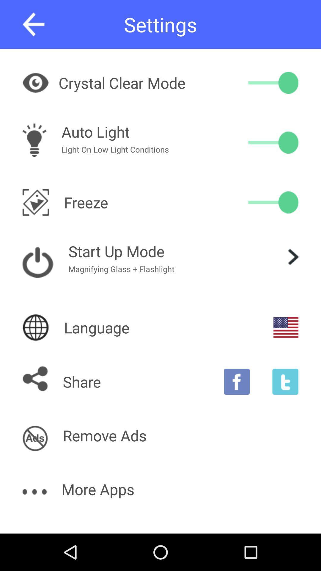 This screenshot has width=321, height=571. What do you see at coordinates (273, 142) in the screenshot?
I see `the icon to the right of the light on low icon` at bounding box center [273, 142].